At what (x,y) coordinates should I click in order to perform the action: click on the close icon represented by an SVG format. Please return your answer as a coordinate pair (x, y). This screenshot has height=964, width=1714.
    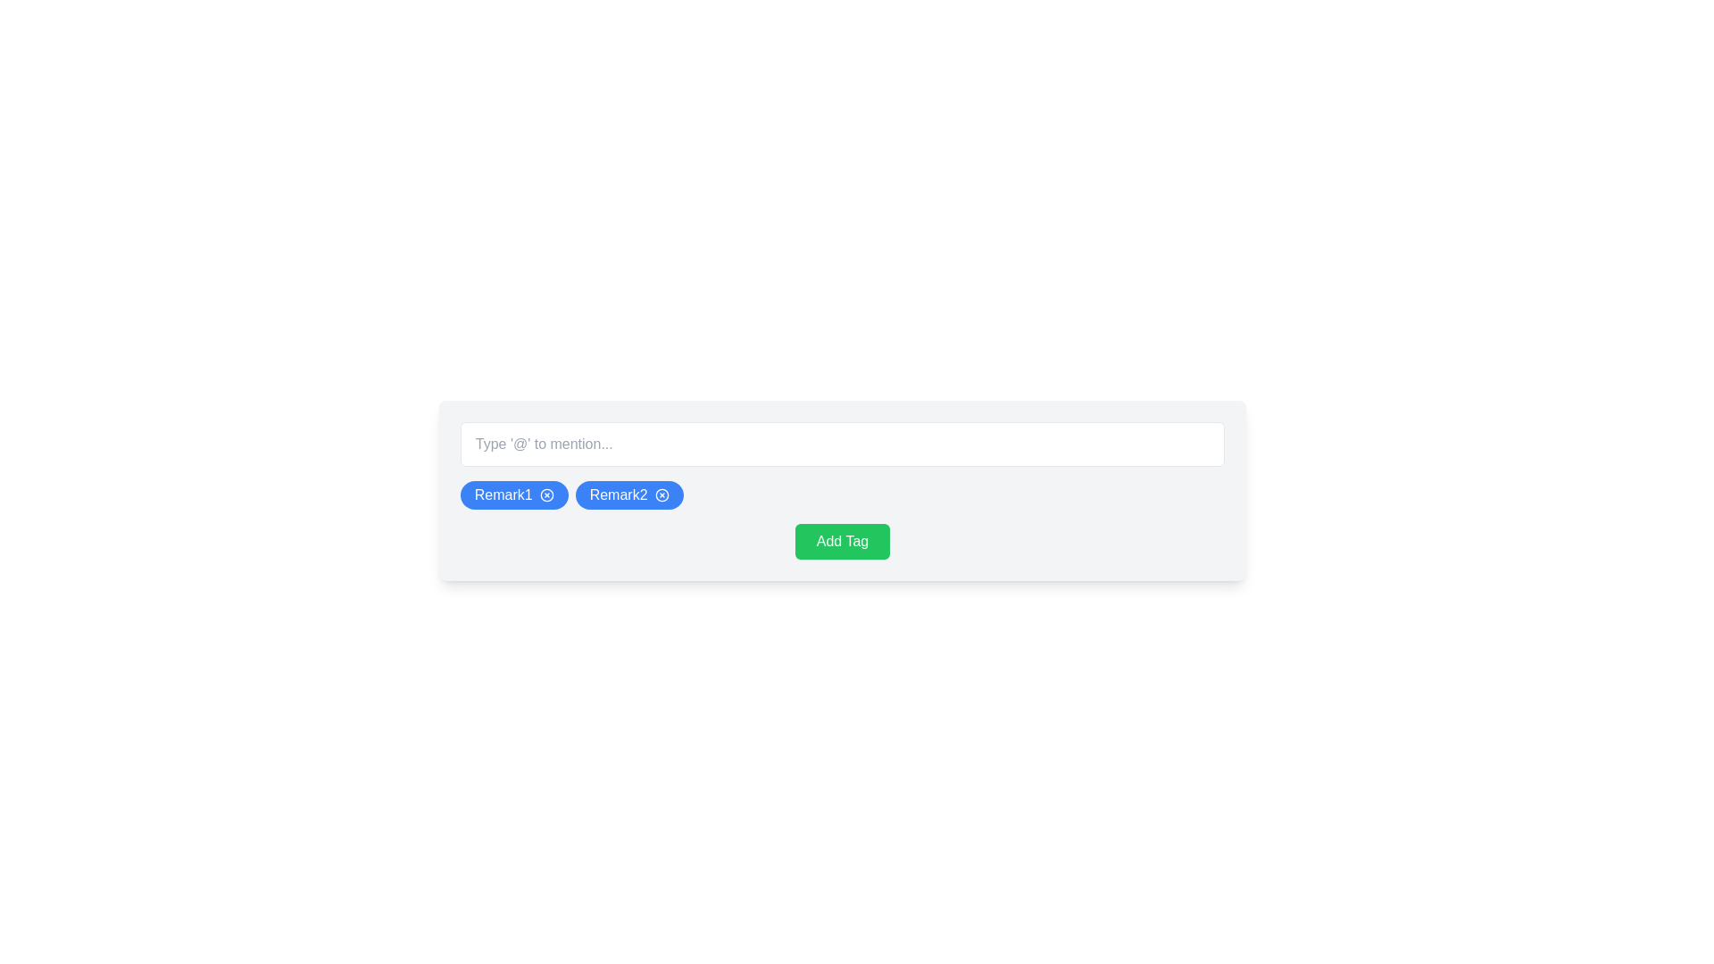
    Looking at the image, I should click on (661, 495).